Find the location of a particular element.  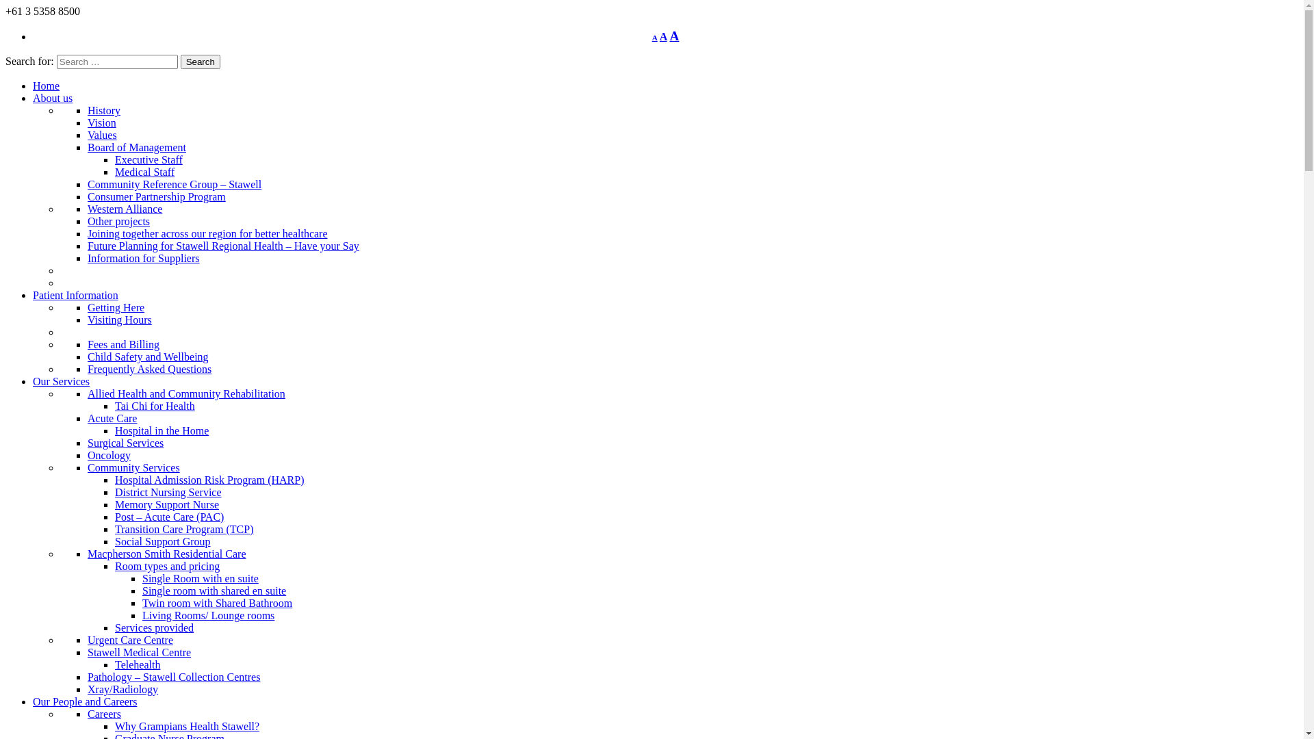

'Values' is located at coordinates (87, 135).